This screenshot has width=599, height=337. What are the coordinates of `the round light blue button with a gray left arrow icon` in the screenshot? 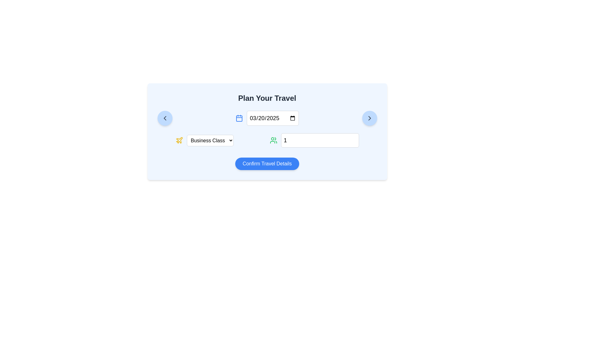 It's located at (165, 118).